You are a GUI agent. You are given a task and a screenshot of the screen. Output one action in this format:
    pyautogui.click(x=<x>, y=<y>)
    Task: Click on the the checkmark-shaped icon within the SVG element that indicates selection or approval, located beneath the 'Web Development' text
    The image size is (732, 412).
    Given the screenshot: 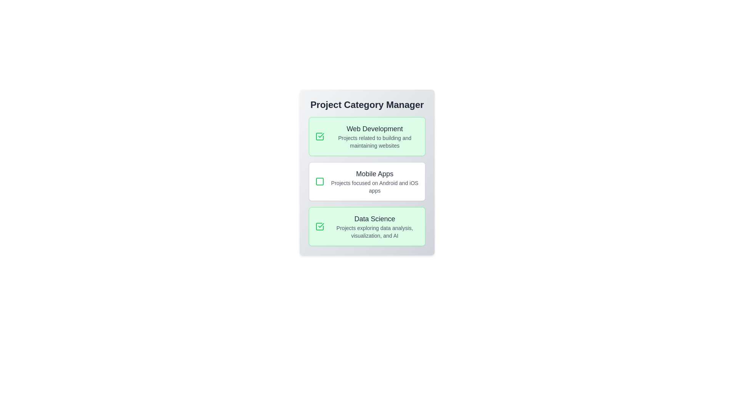 What is the action you would take?
    pyautogui.click(x=321, y=135)
    